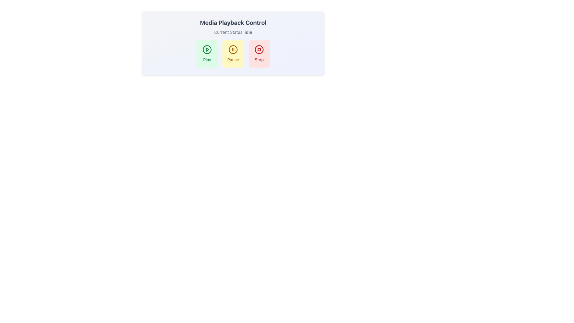 The height and width of the screenshot is (323, 574). What do you see at coordinates (233, 54) in the screenshot?
I see `the pause button located in the 'Media Playback Control' section, which is centered between the 'Play' button on the left and the 'Stop' button on the right` at bounding box center [233, 54].